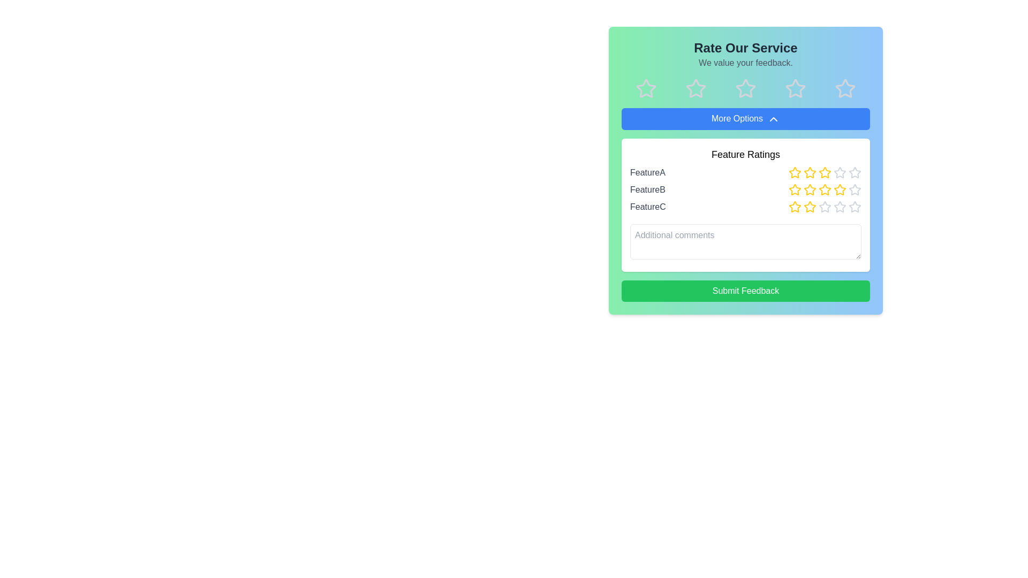 The width and height of the screenshot is (1028, 578). I want to click on text label that reads 'Feature Ratings', which is styled bold and positioned above the feature rating rows in the white panel, so click(745, 154).